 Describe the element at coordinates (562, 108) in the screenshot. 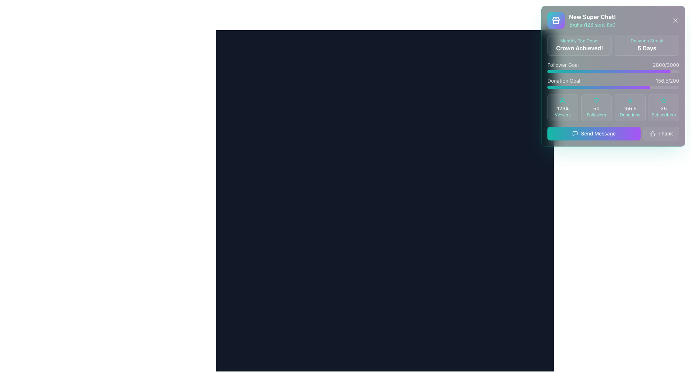

I see `the text display showing '1234' within the 'Viewers' box, located in the bottom right corner of the pop-up card` at that location.